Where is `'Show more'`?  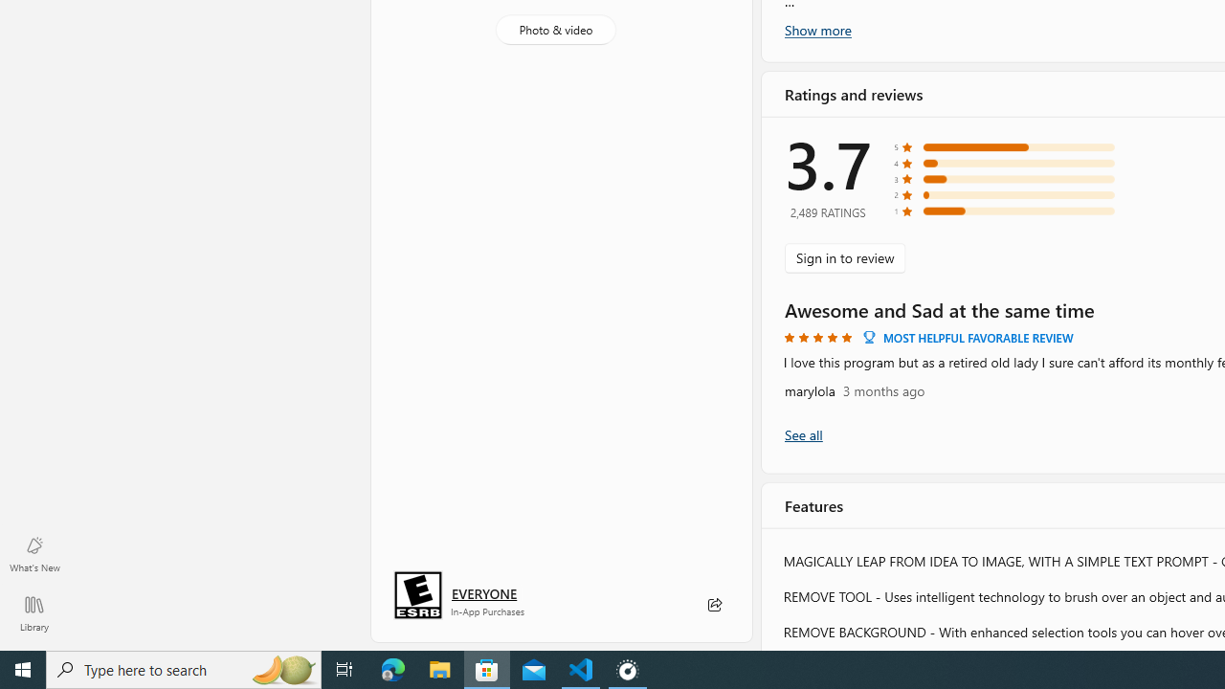
'Show more' is located at coordinates (818, 30).